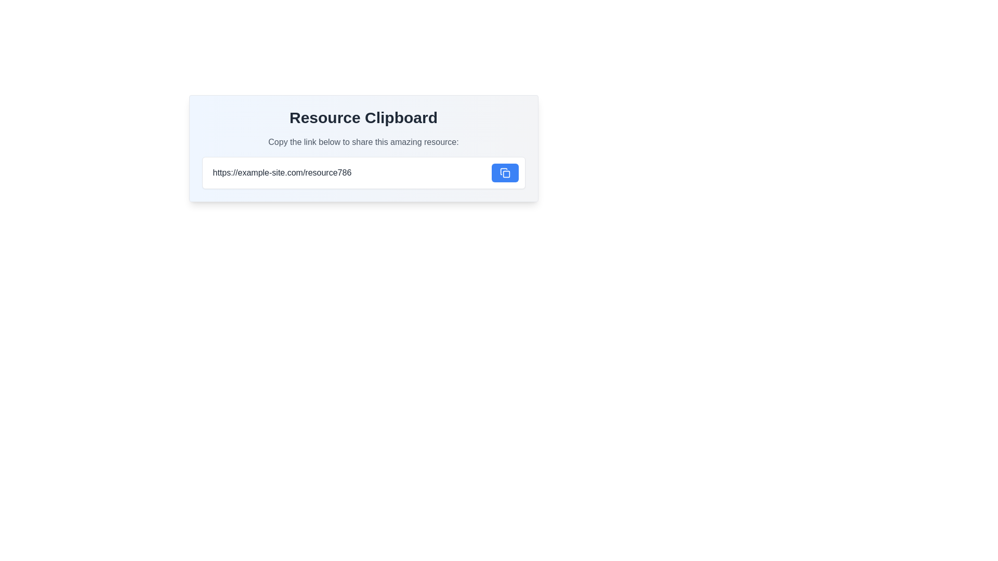  What do you see at coordinates (505, 172) in the screenshot?
I see `the copy action icon, which is styled as two overlapping squares within a blue button, located just to the right of the URL input field` at bounding box center [505, 172].